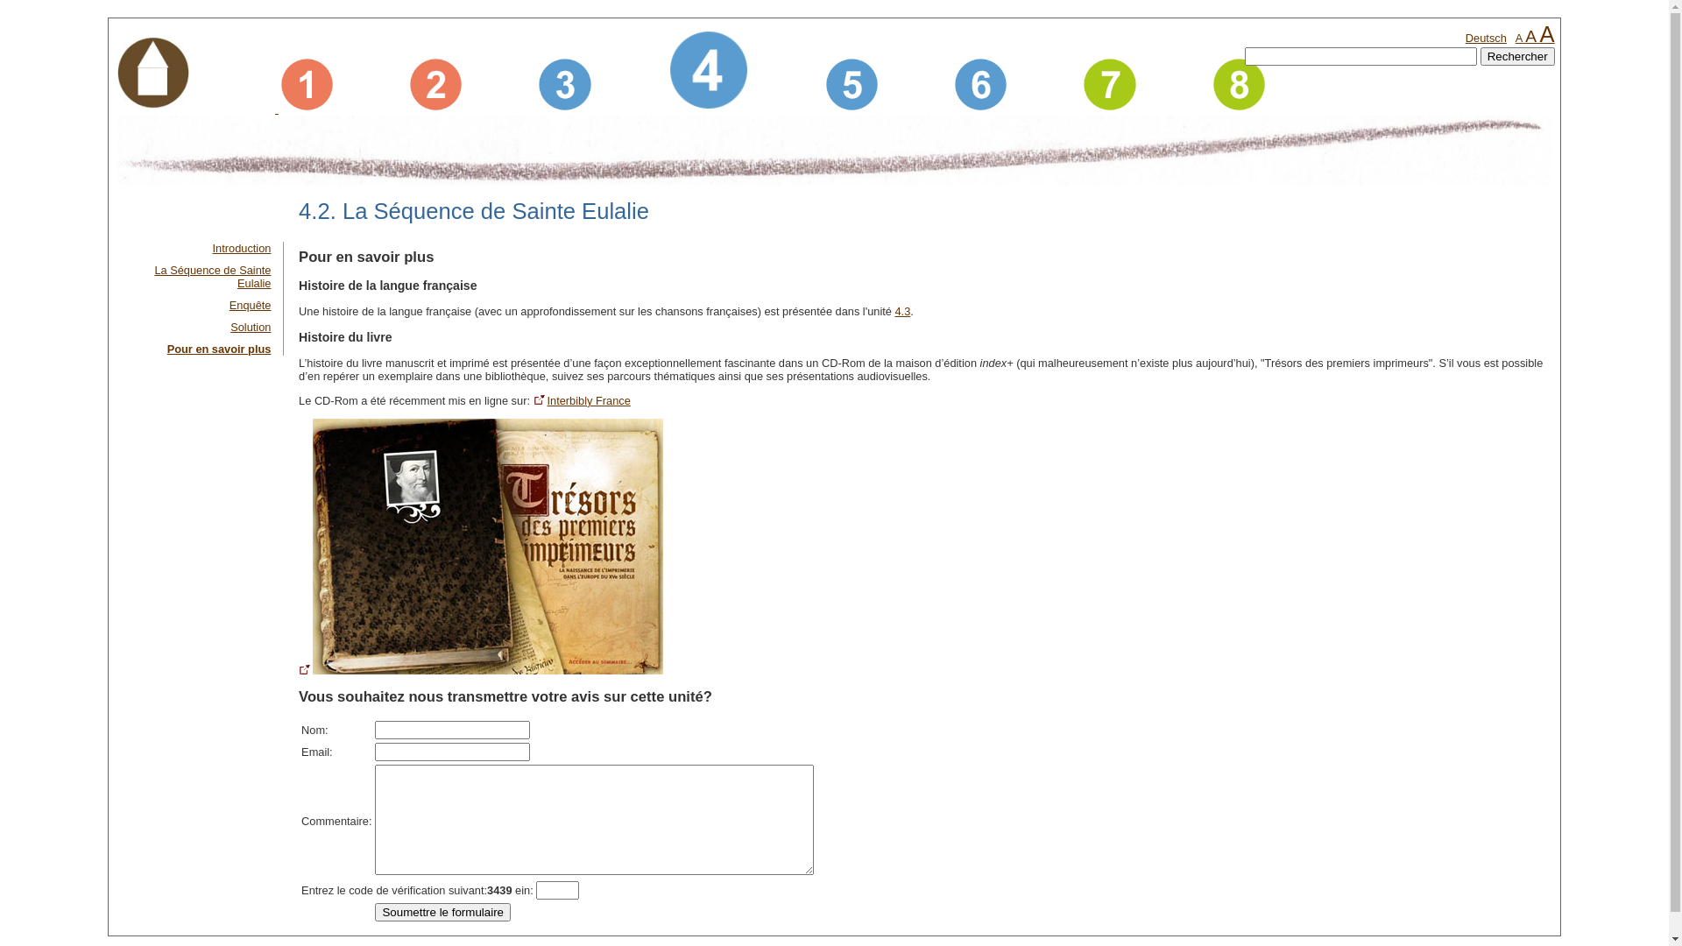  I want to click on 'Interbibly France', so click(533, 400).